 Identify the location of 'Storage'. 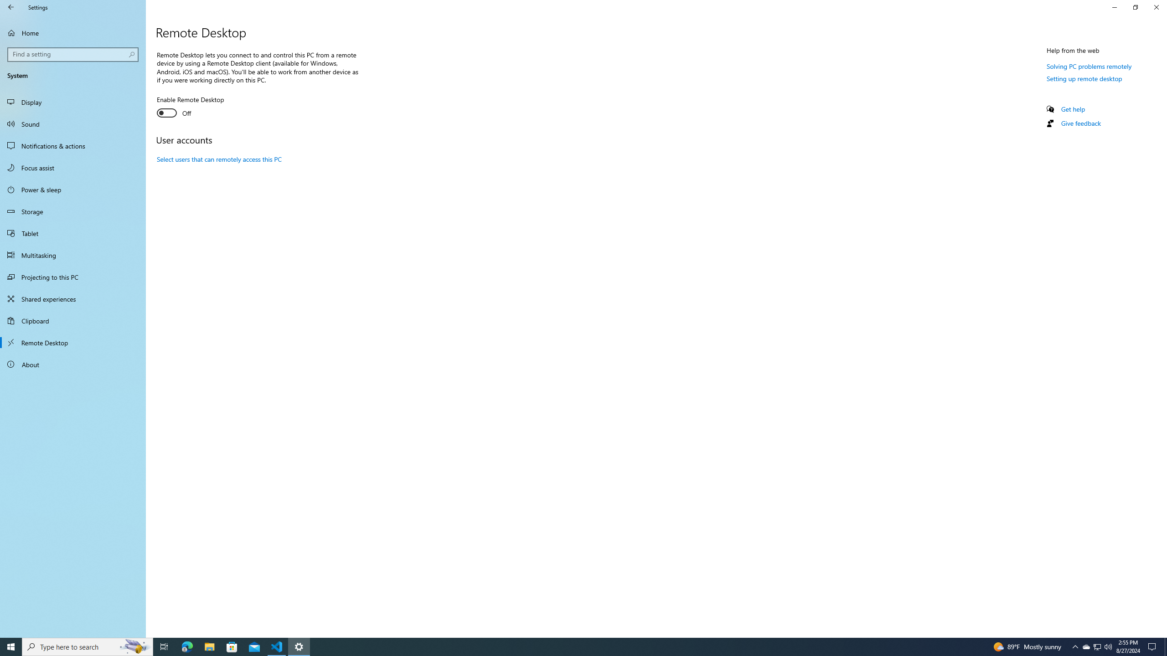
(72, 211).